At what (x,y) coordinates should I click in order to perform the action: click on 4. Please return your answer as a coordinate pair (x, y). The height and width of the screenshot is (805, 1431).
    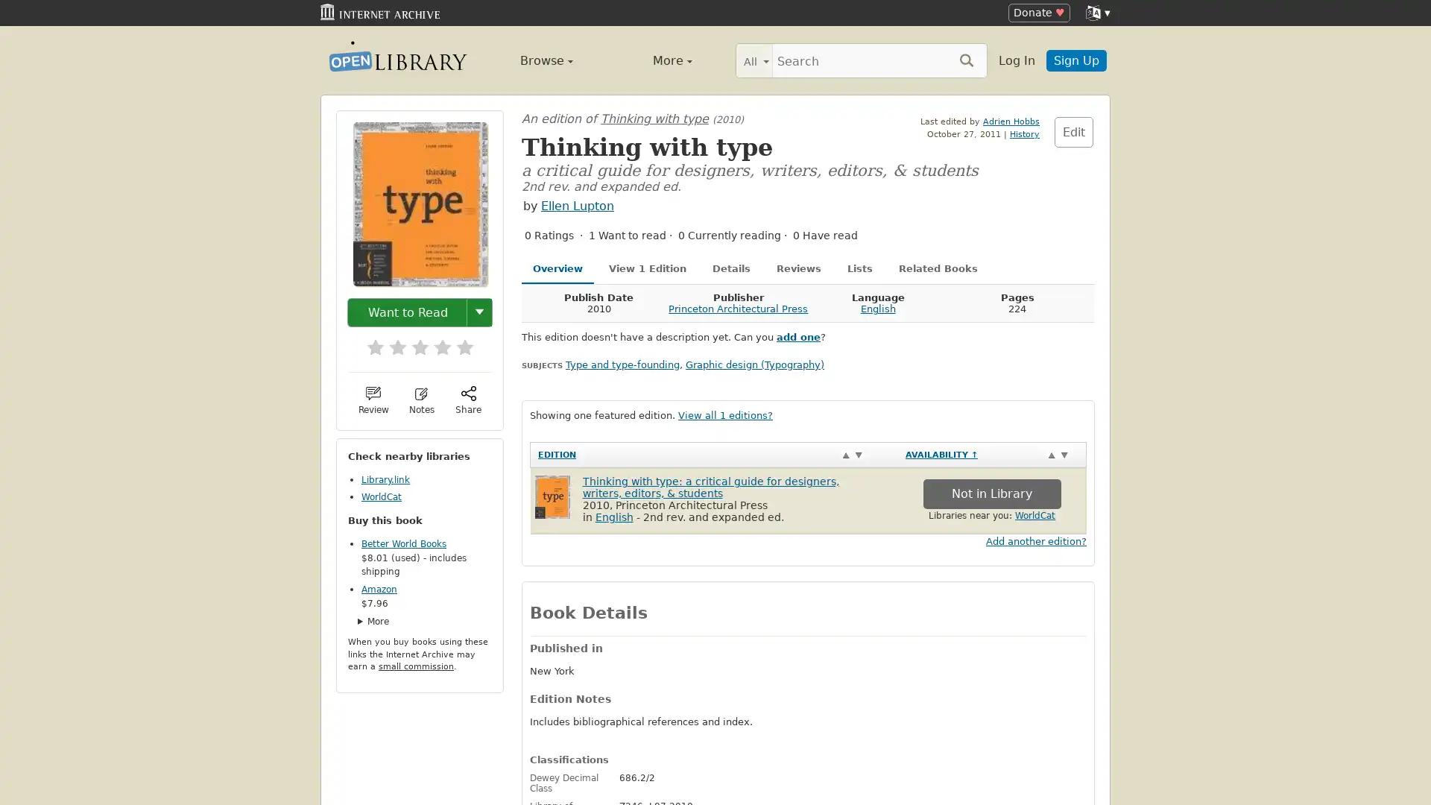
    Looking at the image, I should click on (435, 342).